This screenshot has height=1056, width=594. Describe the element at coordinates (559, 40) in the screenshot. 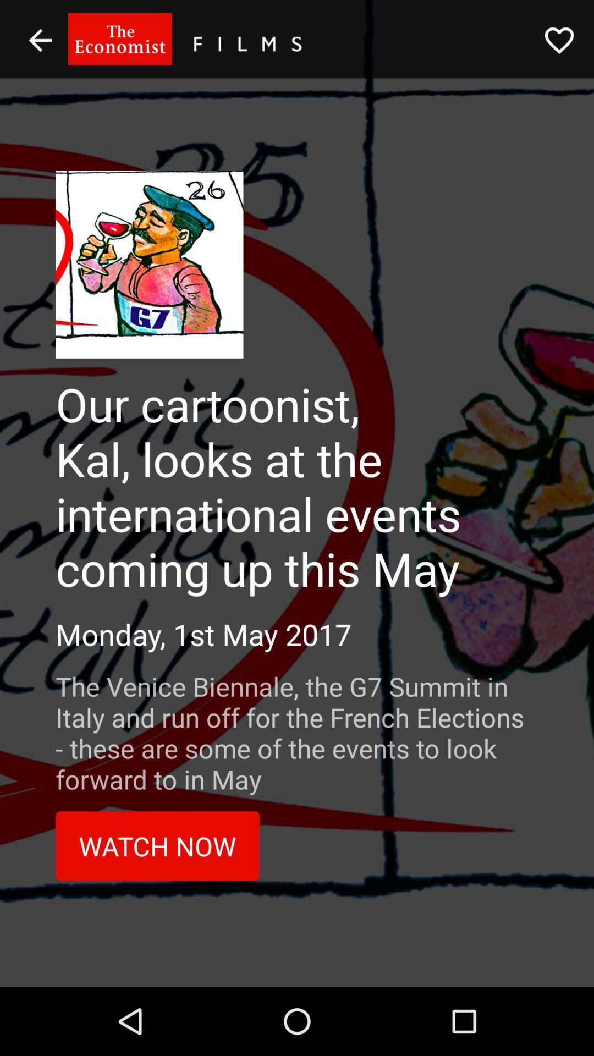

I see `the icon at the top right corner` at that location.